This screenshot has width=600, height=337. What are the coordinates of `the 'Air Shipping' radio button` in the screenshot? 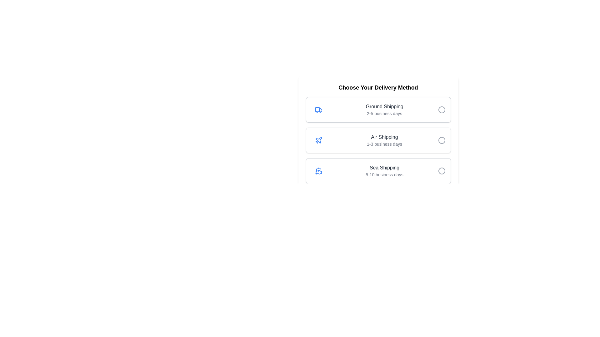 It's located at (441, 140).